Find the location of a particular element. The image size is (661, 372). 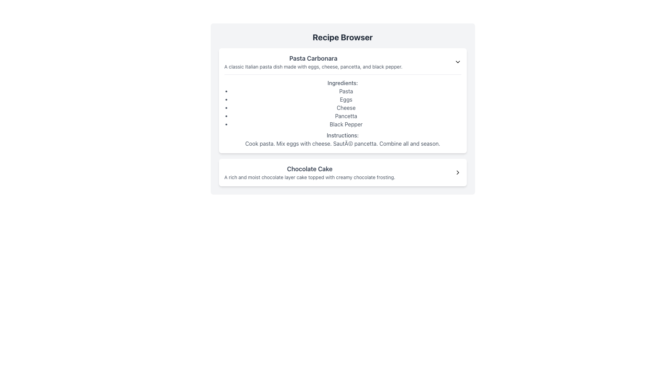

the third item in the bulleted list under 'Ingredients' in the 'Pasta Carbonara' recipe section, which displays the ingredient name between 'Eggs' and 'Pancetta' is located at coordinates (346, 107).